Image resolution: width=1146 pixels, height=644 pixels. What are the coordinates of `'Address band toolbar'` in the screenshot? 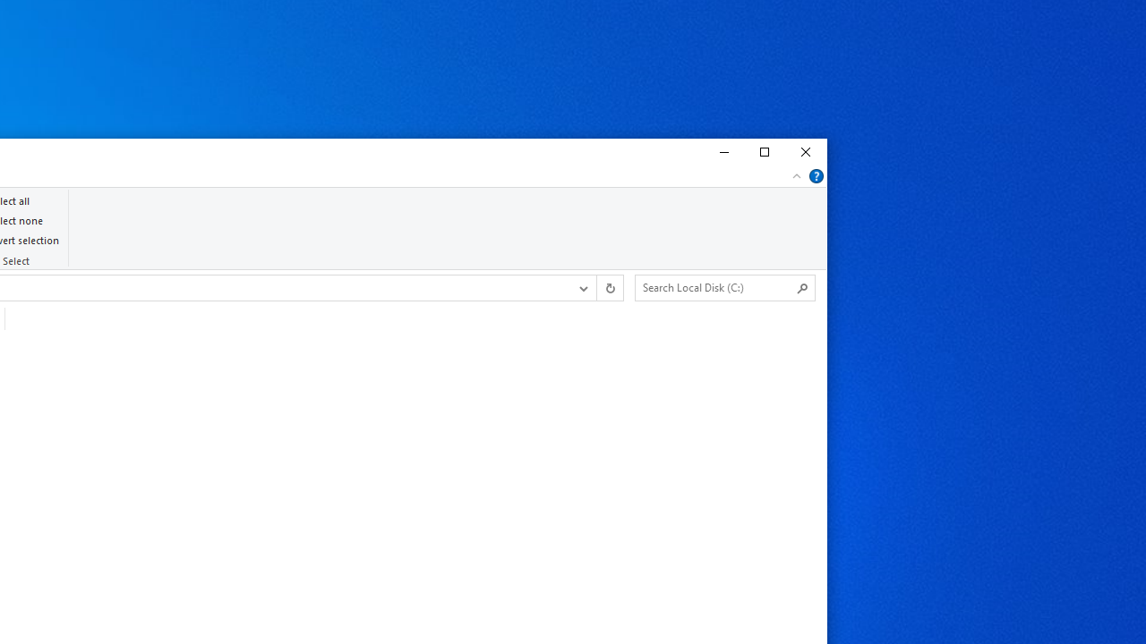 It's located at (596, 286).